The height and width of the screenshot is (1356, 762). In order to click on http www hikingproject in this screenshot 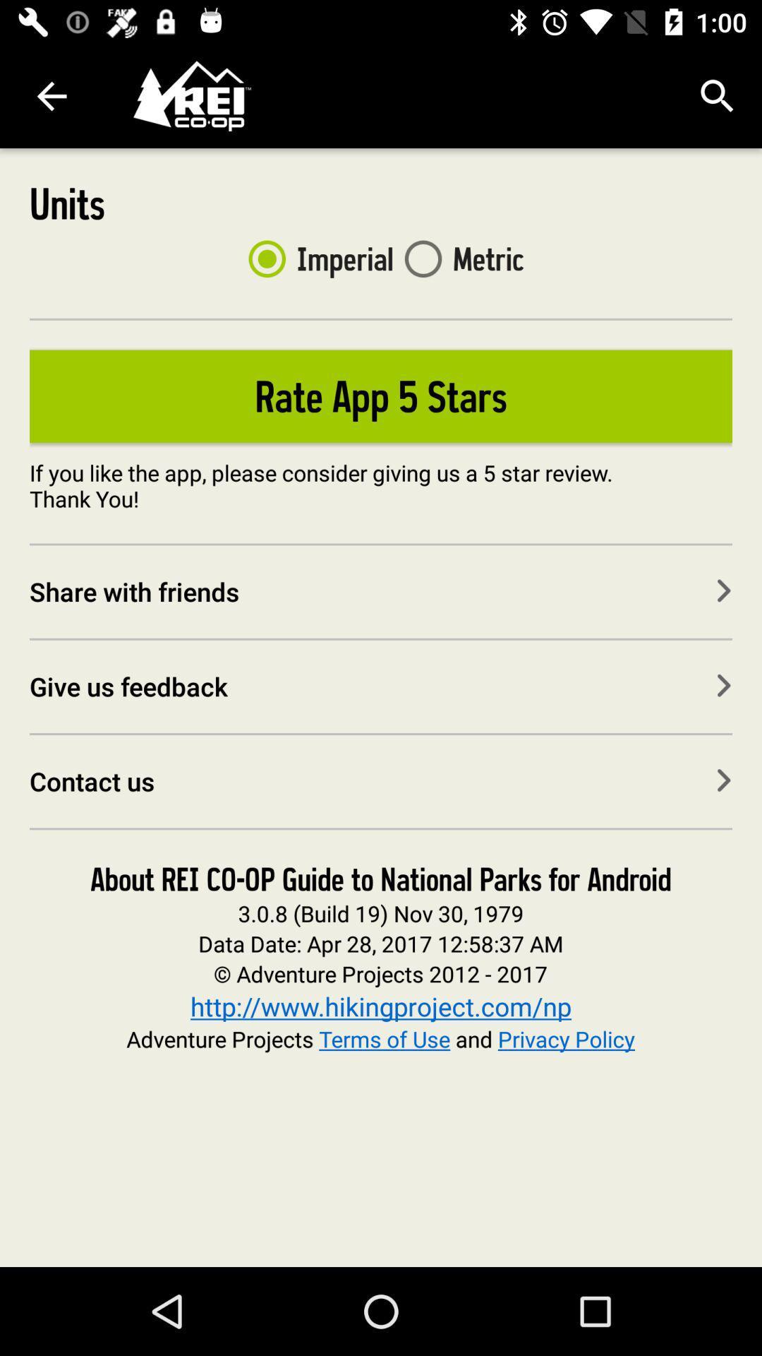, I will do `click(381, 1006)`.